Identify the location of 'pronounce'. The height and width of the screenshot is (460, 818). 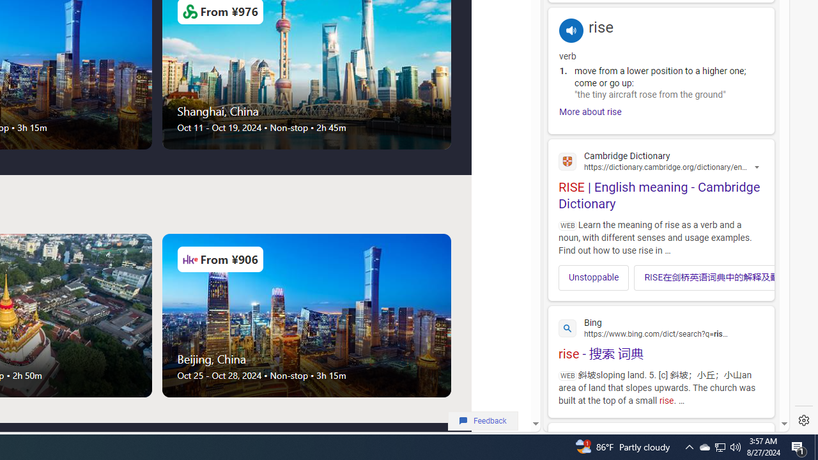
(571, 29).